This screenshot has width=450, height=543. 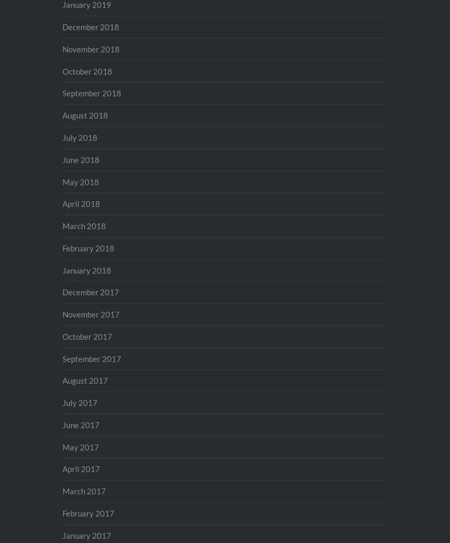 I want to click on 'August 2017', so click(x=85, y=381).